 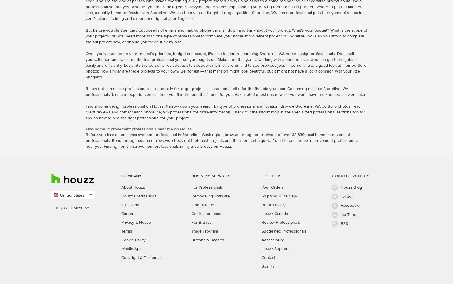 What do you see at coordinates (72, 195) in the screenshot?
I see `'United States'` at bounding box center [72, 195].